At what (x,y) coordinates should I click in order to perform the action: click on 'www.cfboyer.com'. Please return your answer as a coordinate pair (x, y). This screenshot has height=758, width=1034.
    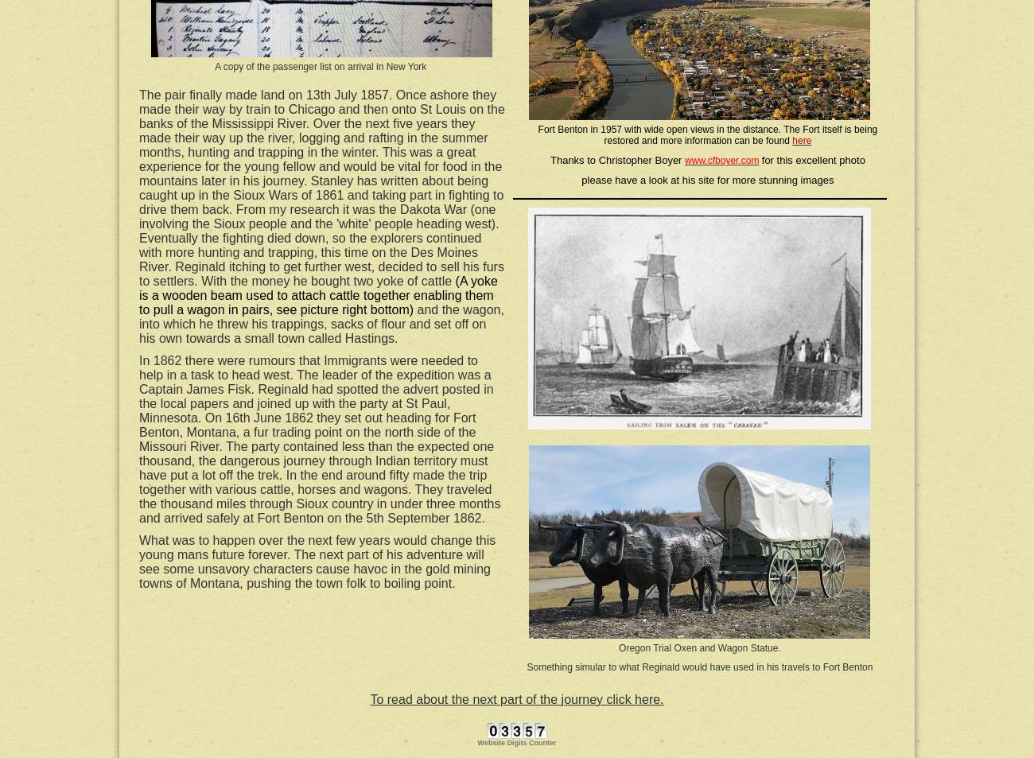
    Looking at the image, I should click on (721, 160).